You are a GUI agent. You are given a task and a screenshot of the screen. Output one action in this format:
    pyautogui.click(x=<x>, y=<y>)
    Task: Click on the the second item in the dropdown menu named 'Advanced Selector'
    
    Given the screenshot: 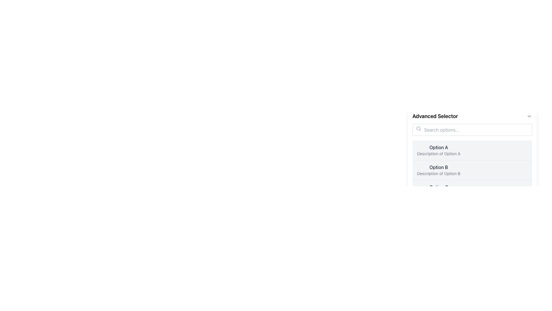 What is the action you would take?
    pyautogui.click(x=438, y=170)
    